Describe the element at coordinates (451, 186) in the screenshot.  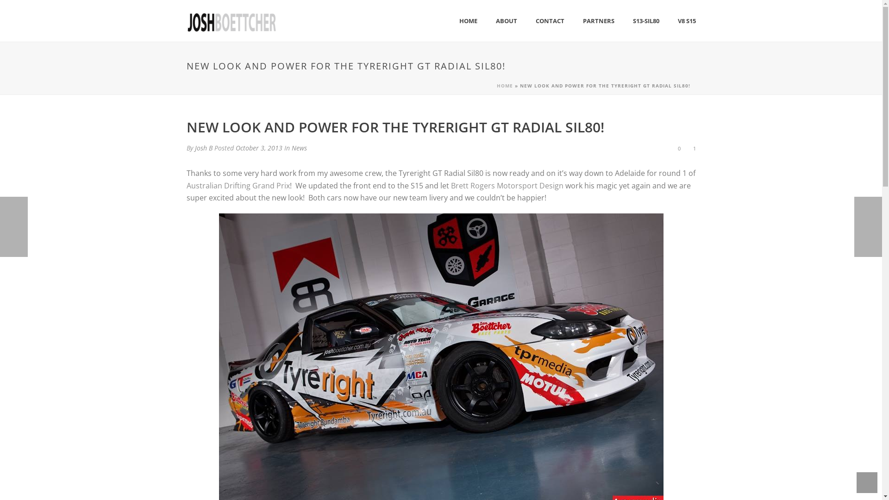
I see `'Brett Rogers Motorsport Design'` at that location.